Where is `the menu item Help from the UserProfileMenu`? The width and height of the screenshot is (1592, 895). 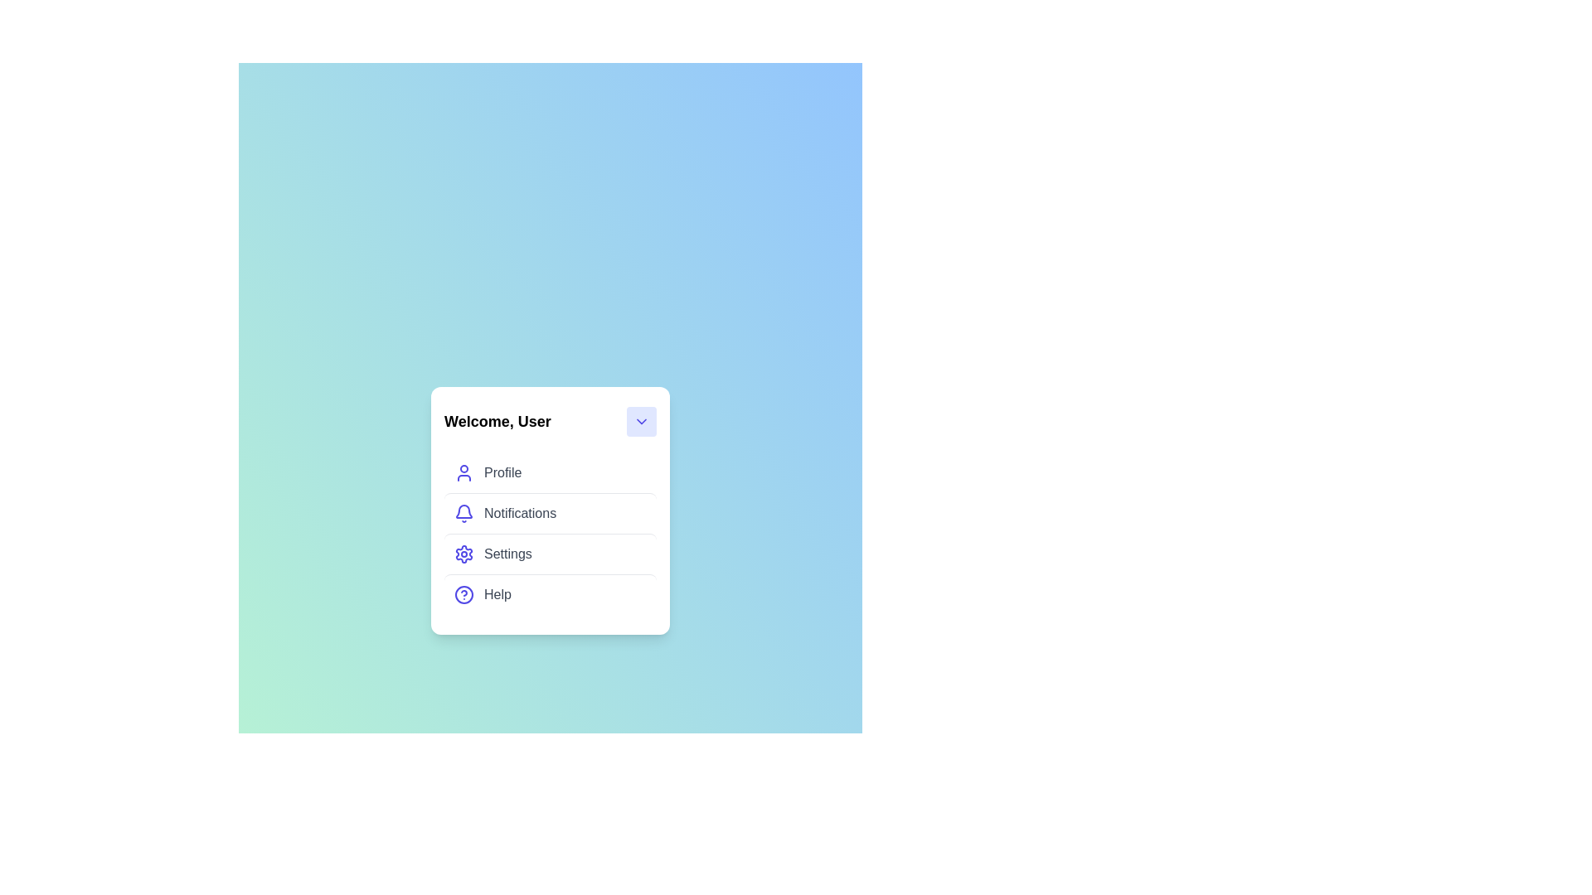 the menu item Help from the UserProfileMenu is located at coordinates (550, 593).